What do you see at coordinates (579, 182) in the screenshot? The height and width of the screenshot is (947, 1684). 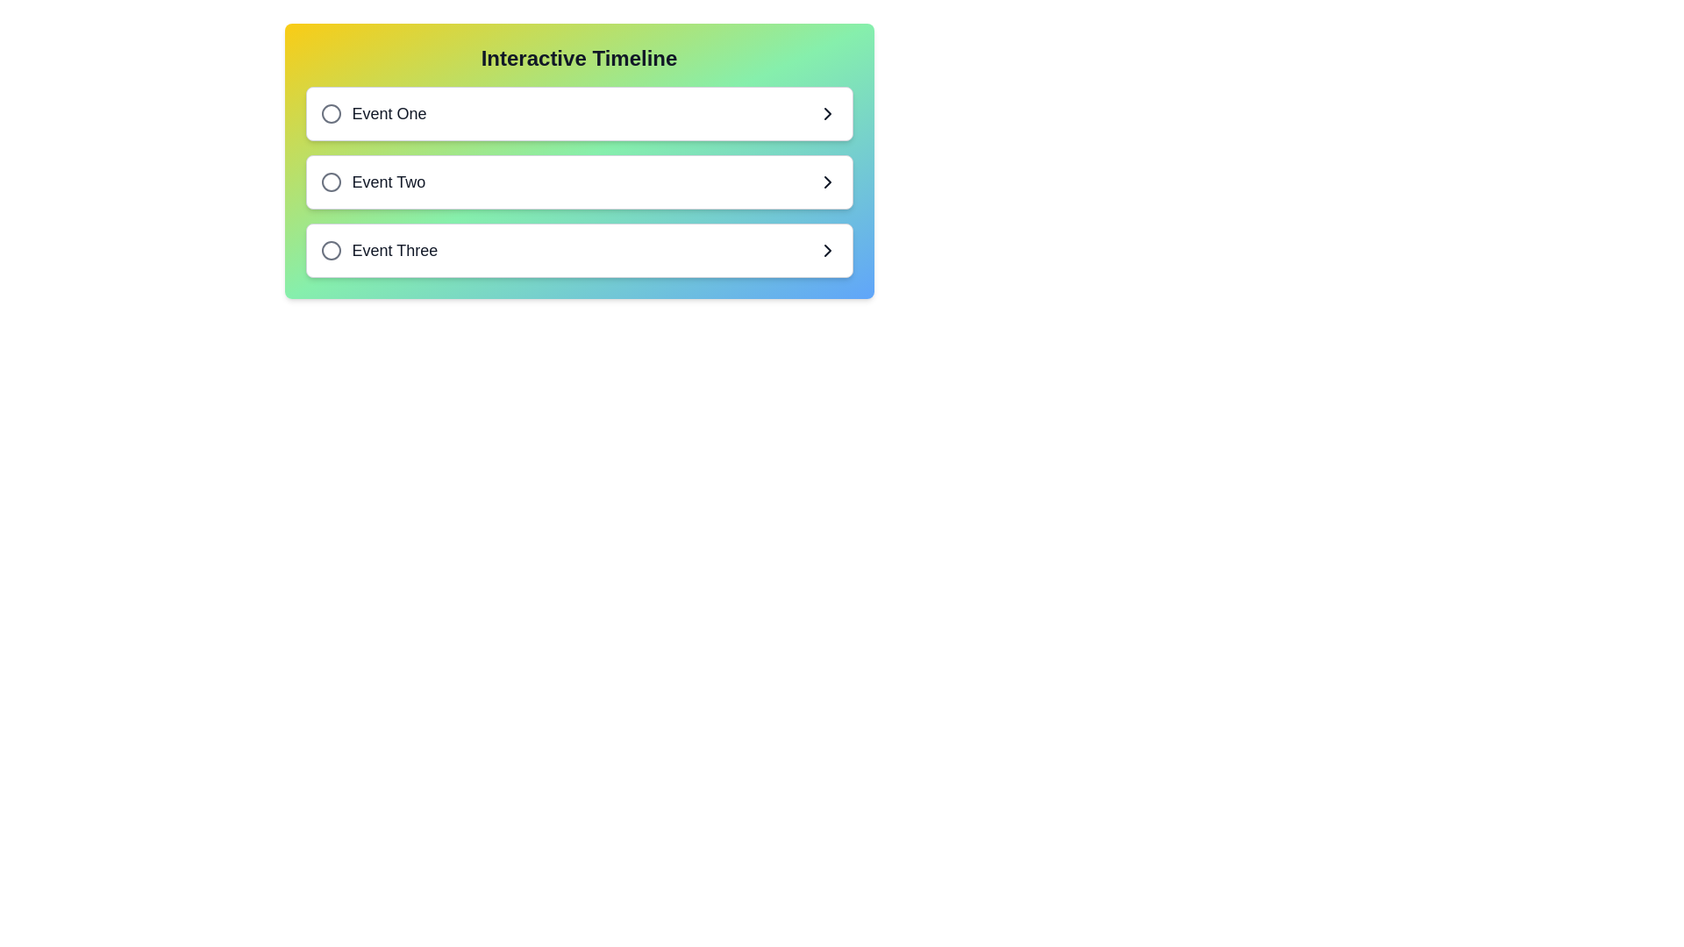 I see `the second interactive list item in the timeline` at bounding box center [579, 182].